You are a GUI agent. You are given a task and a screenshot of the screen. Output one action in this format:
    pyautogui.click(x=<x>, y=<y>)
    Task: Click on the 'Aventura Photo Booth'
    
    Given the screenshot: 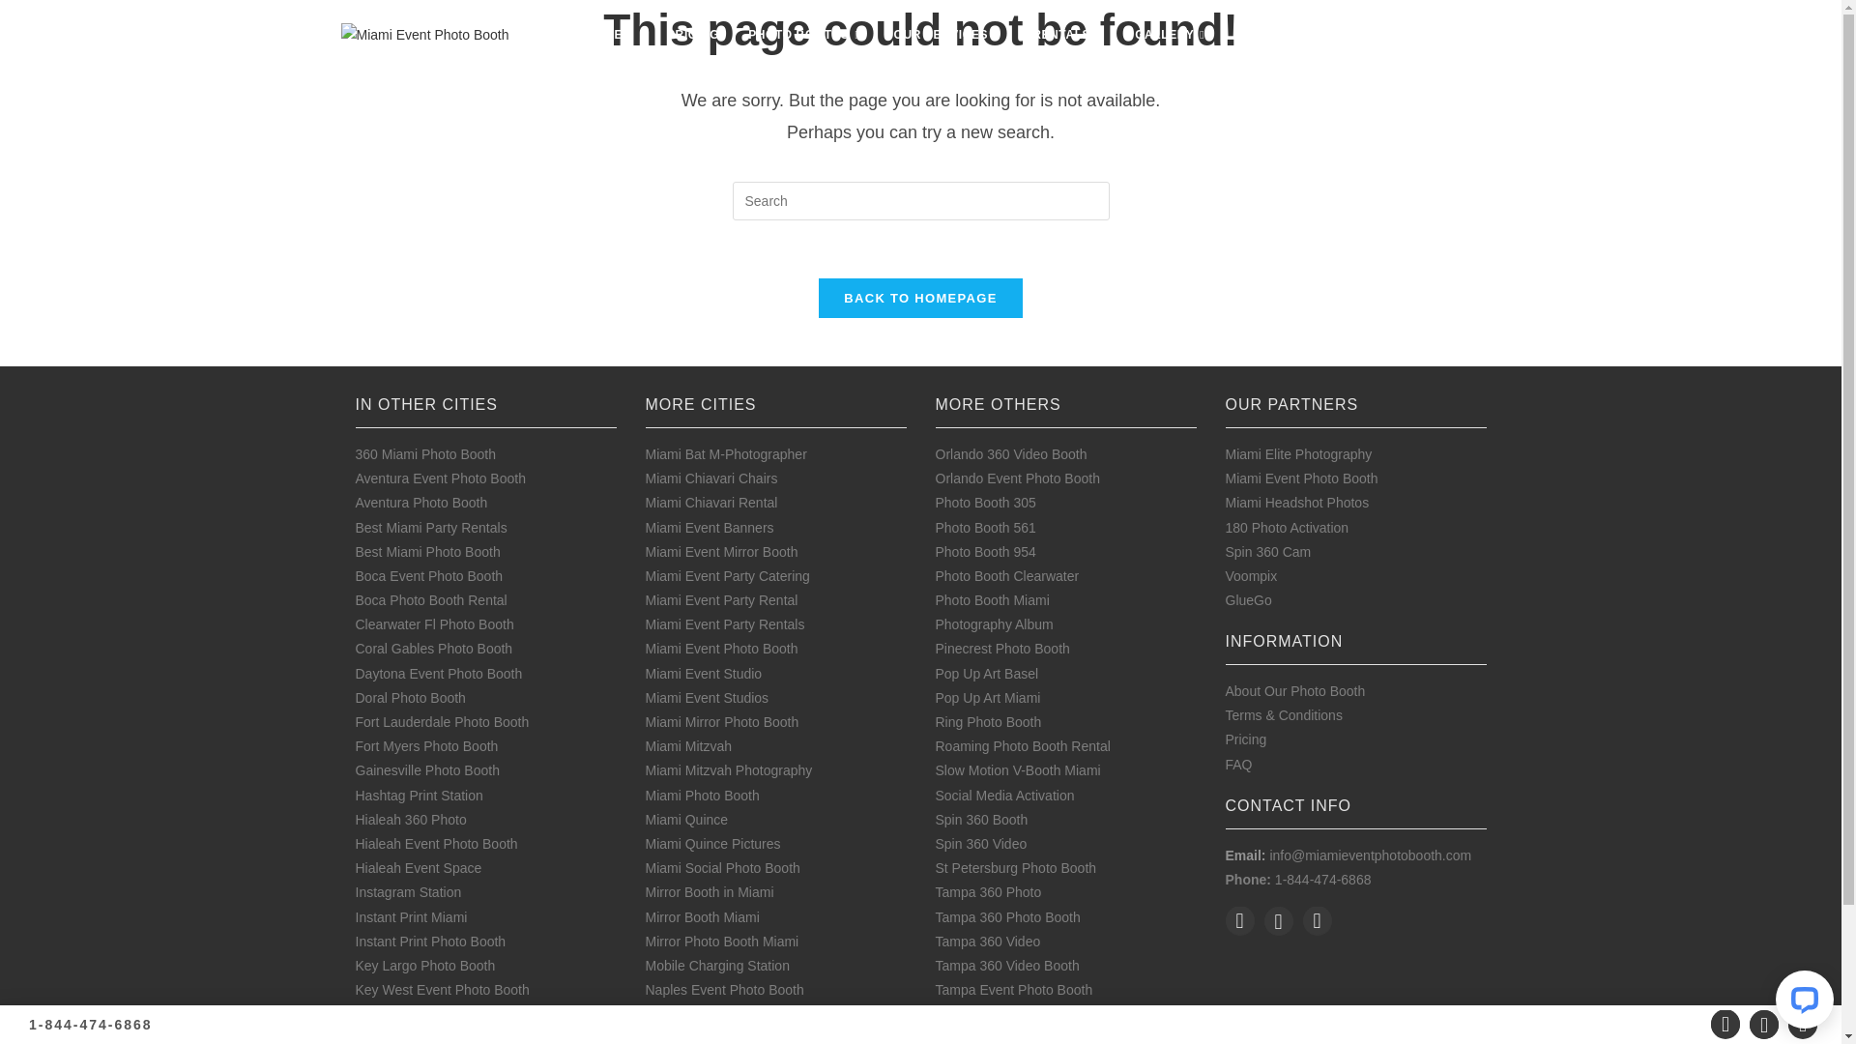 What is the action you would take?
    pyautogui.click(x=420, y=502)
    